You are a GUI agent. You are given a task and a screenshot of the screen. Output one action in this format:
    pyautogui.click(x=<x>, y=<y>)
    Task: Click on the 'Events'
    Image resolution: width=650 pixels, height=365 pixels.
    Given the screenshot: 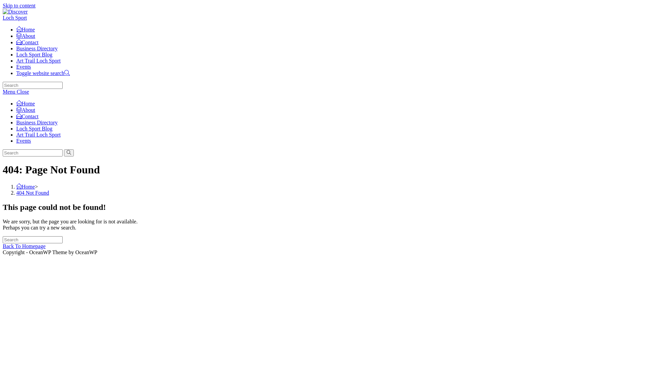 What is the action you would take?
    pyautogui.click(x=24, y=67)
    